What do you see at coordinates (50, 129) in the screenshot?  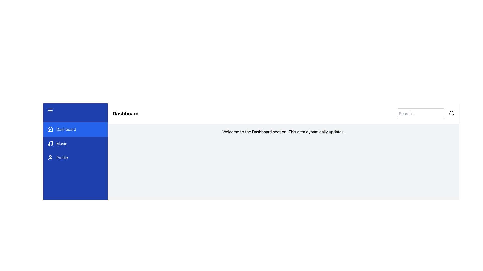 I see `the 'Dashboard' icon located in the sidebar on the left, which is positioned at the top of the vertical menu list` at bounding box center [50, 129].